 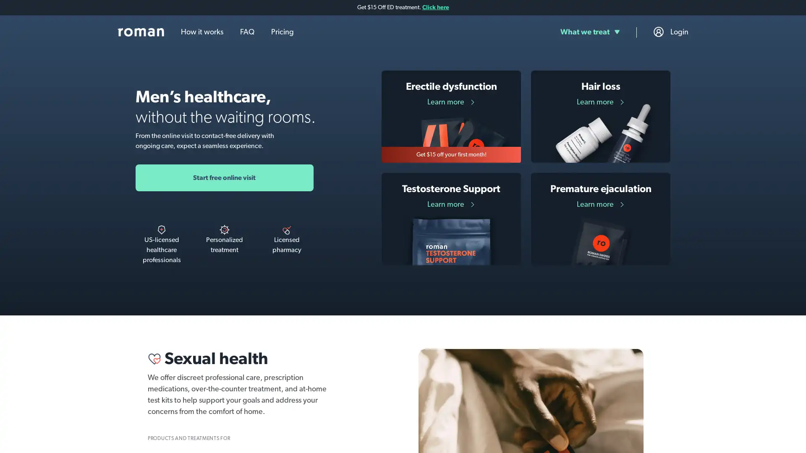 What do you see at coordinates (590, 31) in the screenshot?
I see `What we treat` at bounding box center [590, 31].